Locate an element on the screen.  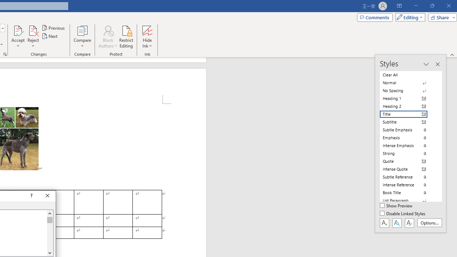
'Show Preview' is located at coordinates (396, 206).